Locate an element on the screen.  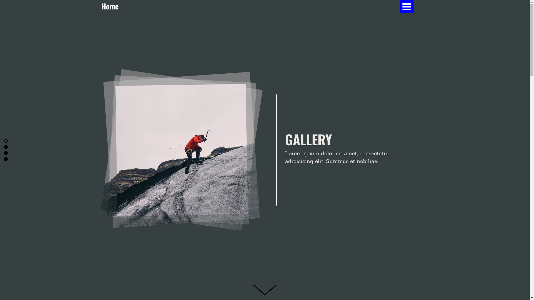
'Home' is located at coordinates (110, 6).